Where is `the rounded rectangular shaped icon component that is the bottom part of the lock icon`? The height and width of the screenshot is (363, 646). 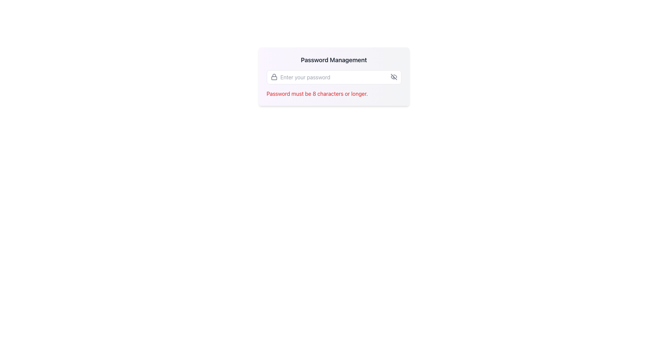 the rounded rectangular shaped icon component that is the bottom part of the lock icon is located at coordinates (274, 78).